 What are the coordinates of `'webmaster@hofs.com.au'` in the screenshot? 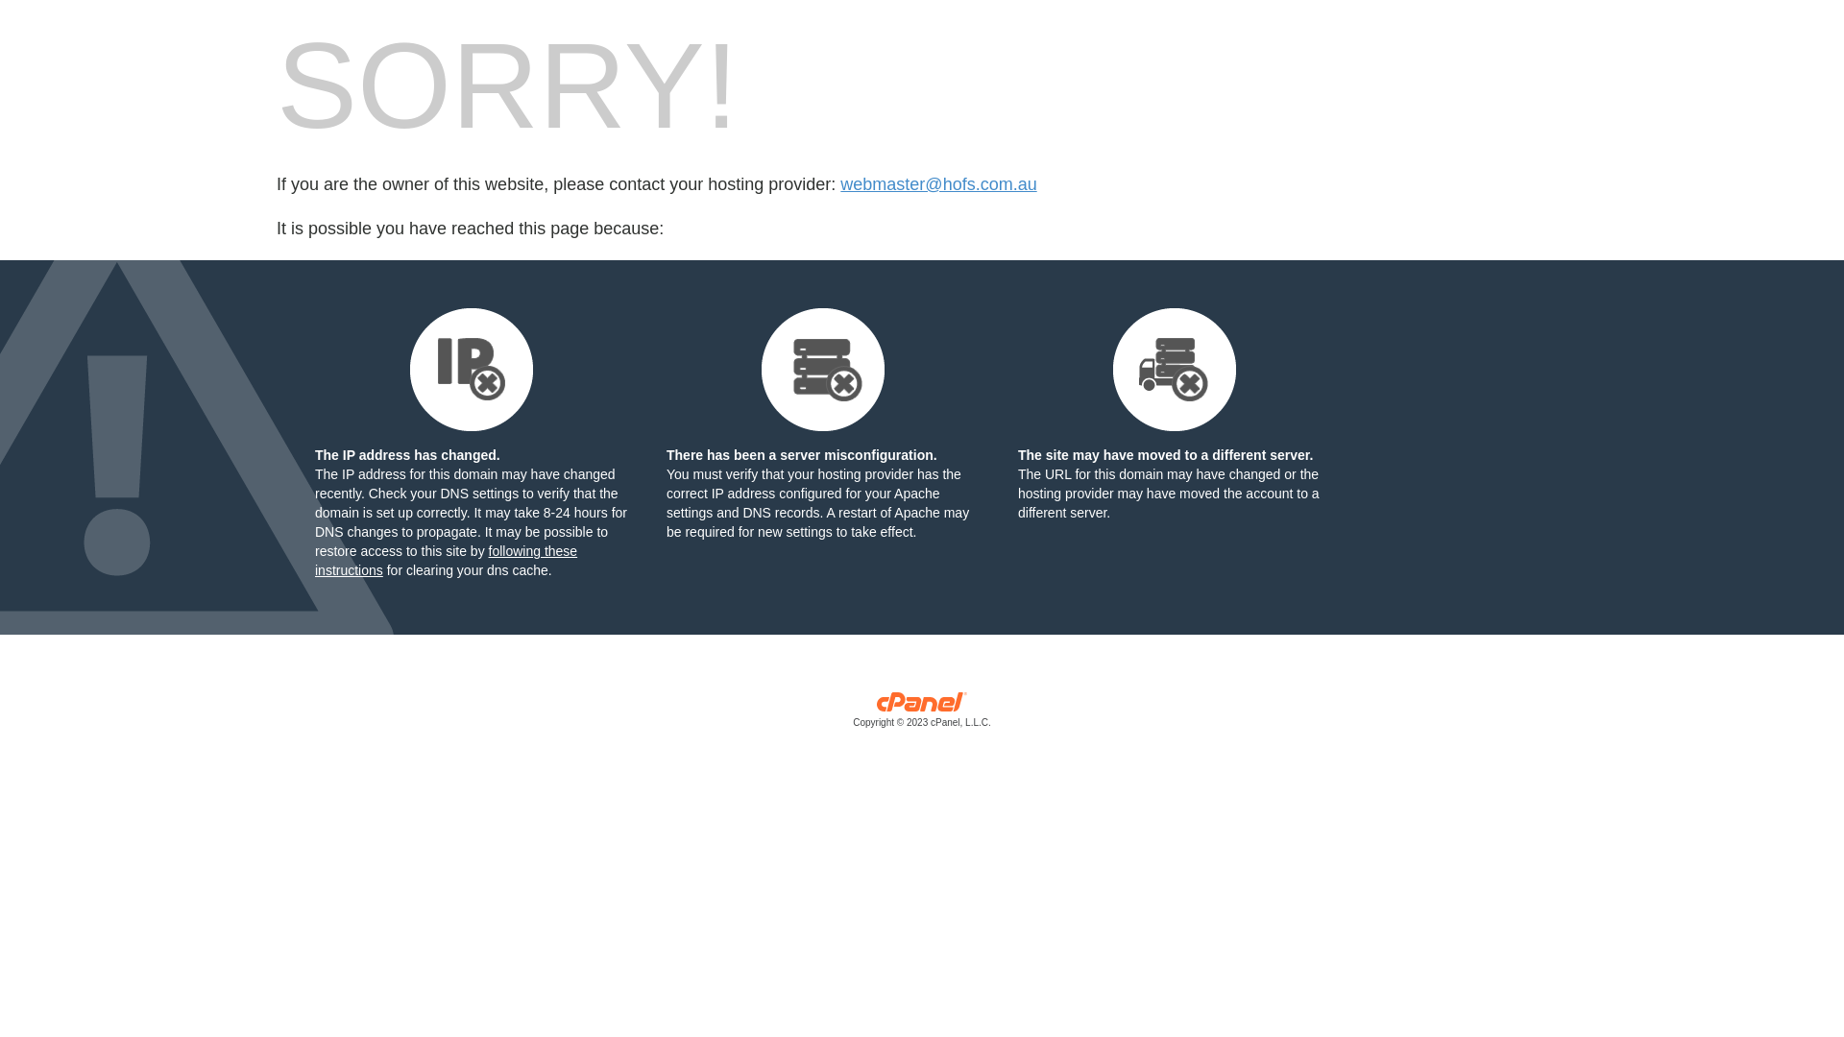 It's located at (938, 184).